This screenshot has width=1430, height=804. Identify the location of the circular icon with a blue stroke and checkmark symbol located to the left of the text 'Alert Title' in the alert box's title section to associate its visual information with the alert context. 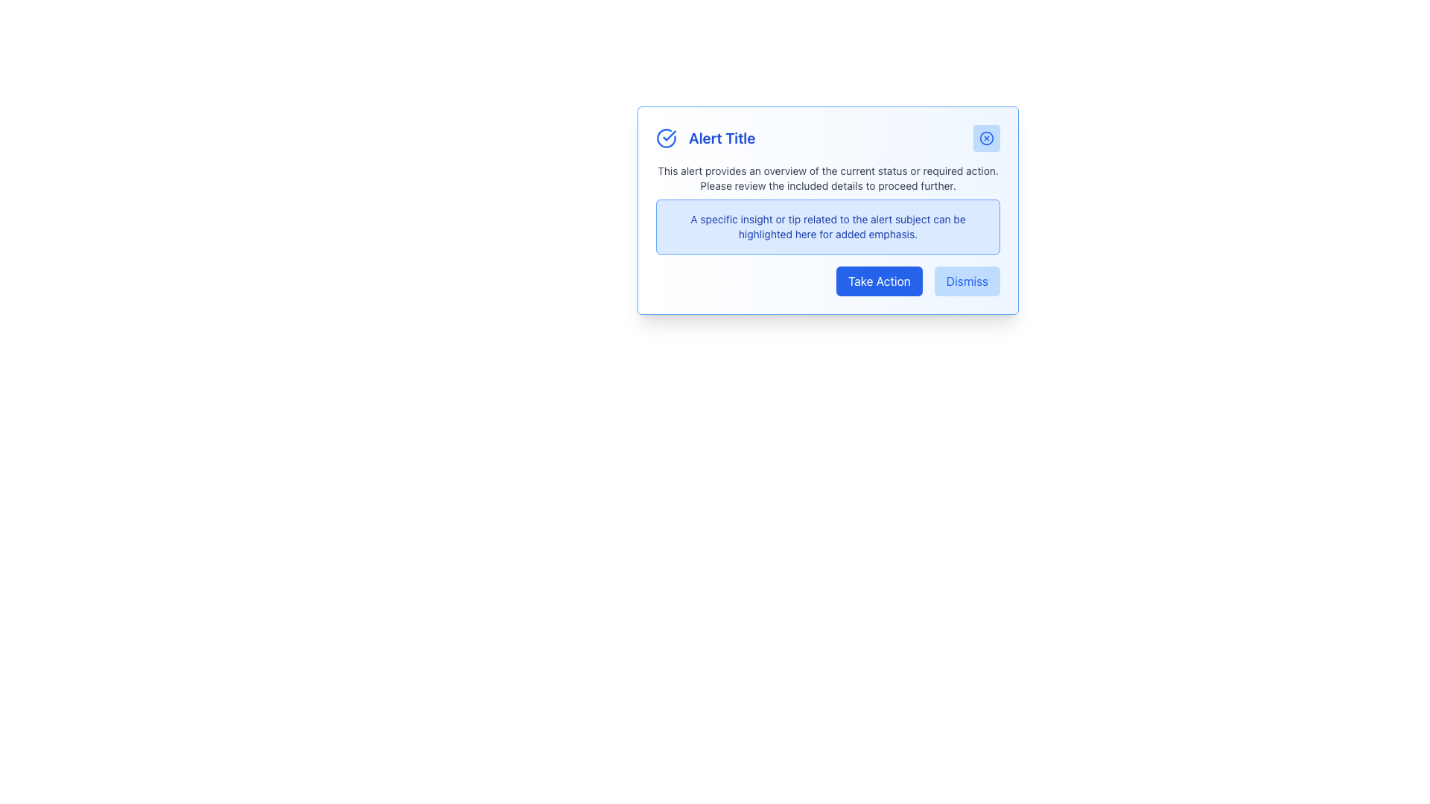
(665, 138).